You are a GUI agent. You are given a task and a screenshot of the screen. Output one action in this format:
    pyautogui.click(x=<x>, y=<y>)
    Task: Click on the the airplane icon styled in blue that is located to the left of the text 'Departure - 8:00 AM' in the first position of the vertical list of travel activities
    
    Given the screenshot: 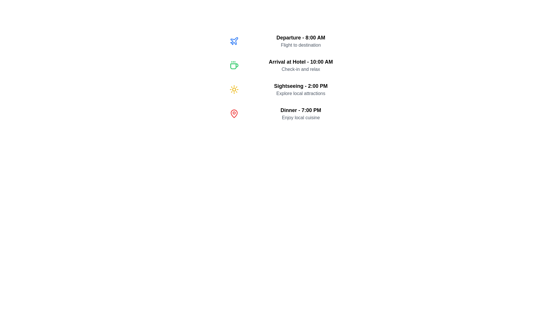 What is the action you would take?
    pyautogui.click(x=234, y=41)
    